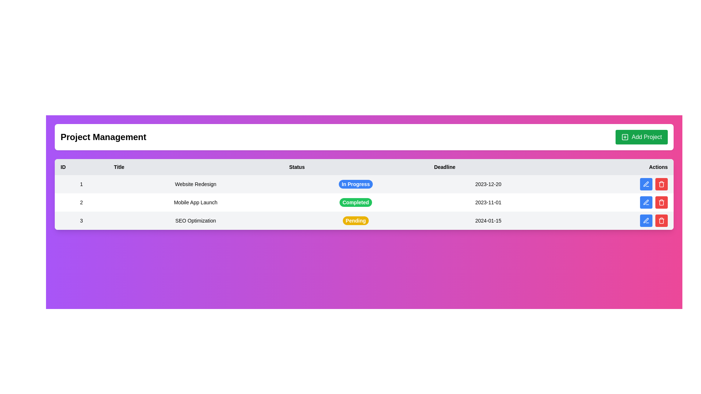  Describe the element at coordinates (661, 202) in the screenshot. I see `the trash bin icon button with a rounded red background located in the rightmost column under the 'Actions' header for the 'SEO Optimization' row` at that location.